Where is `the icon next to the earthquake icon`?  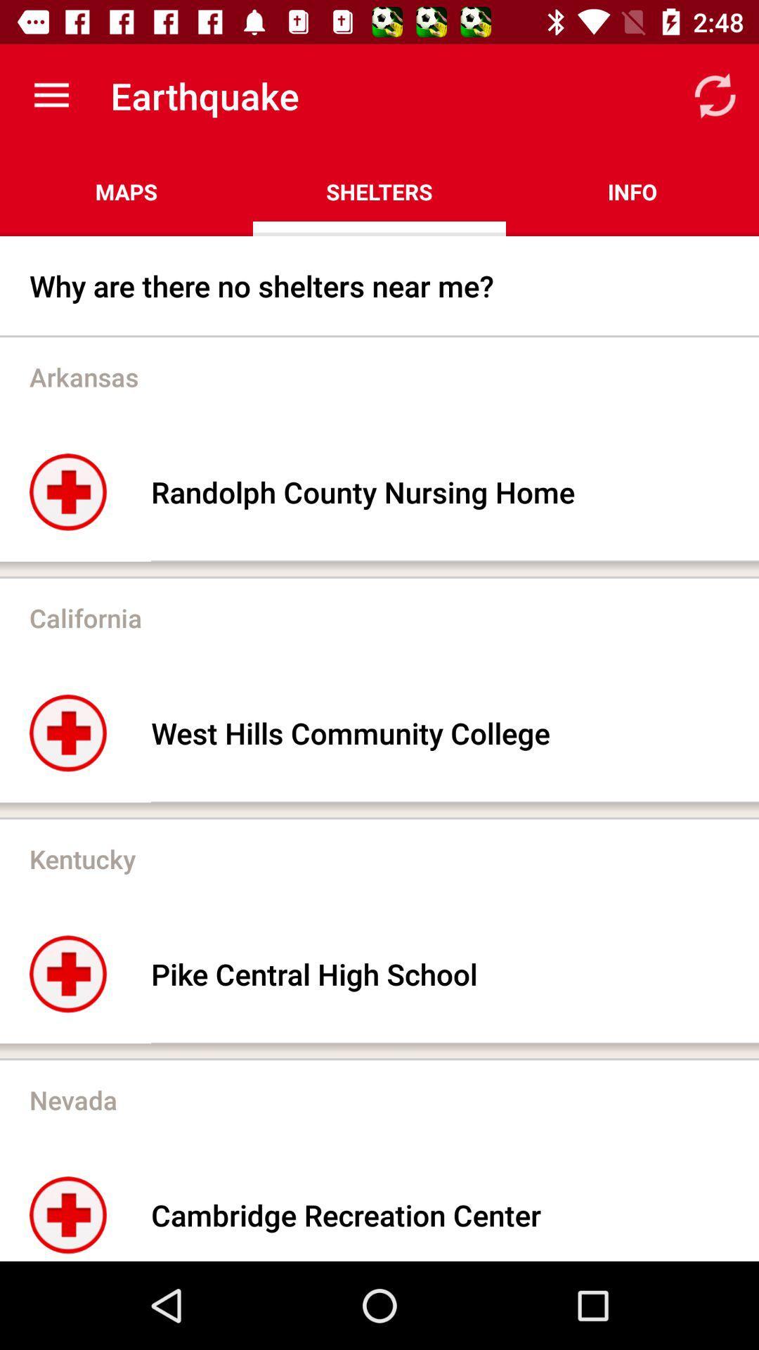
the icon next to the earthquake icon is located at coordinates (51, 95).